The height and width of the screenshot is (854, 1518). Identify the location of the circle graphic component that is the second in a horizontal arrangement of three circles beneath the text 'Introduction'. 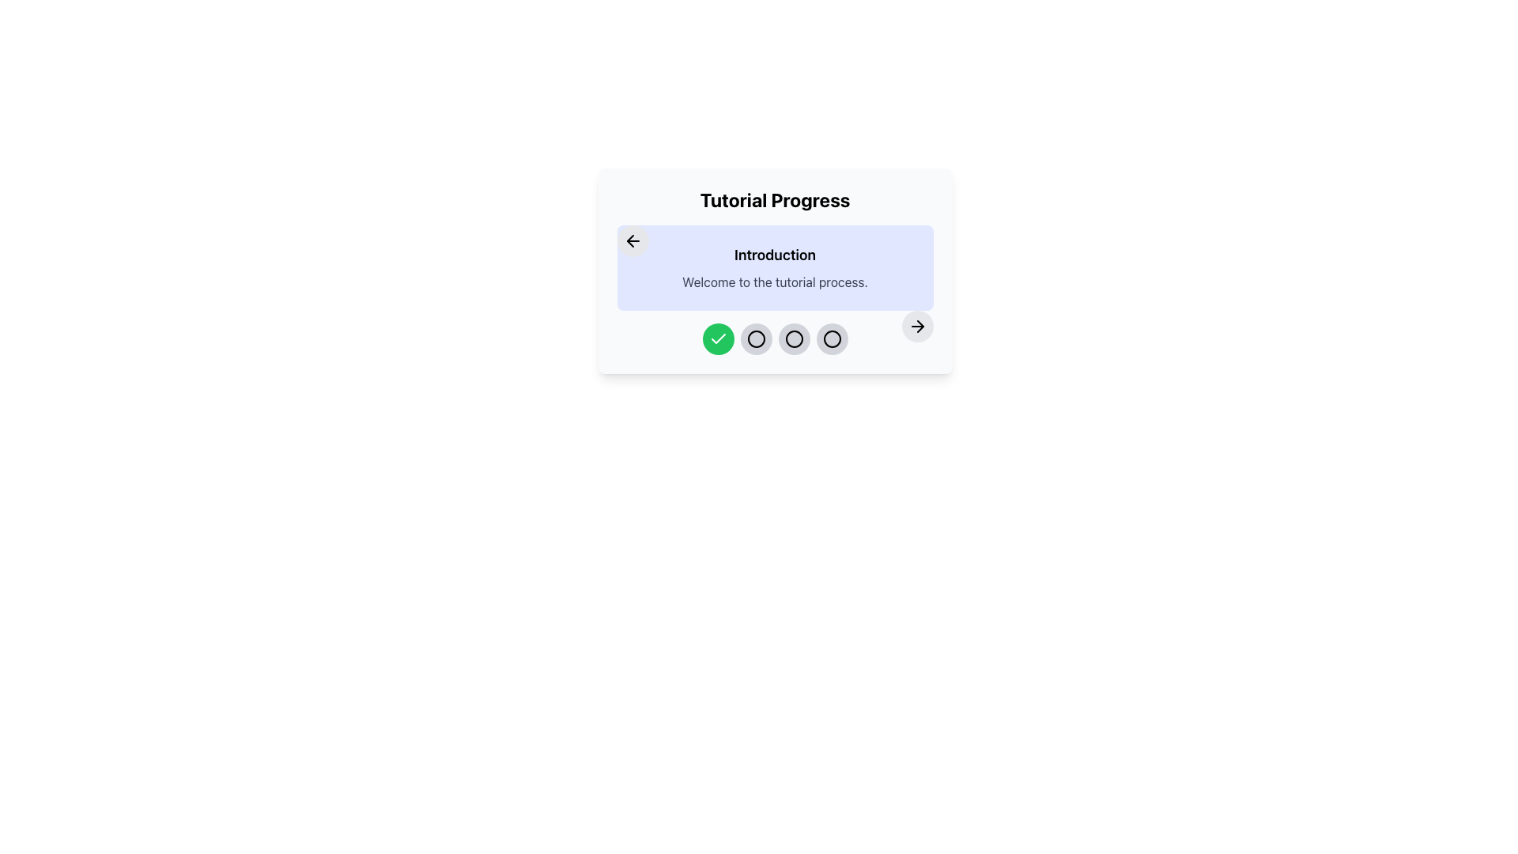
(755, 338).